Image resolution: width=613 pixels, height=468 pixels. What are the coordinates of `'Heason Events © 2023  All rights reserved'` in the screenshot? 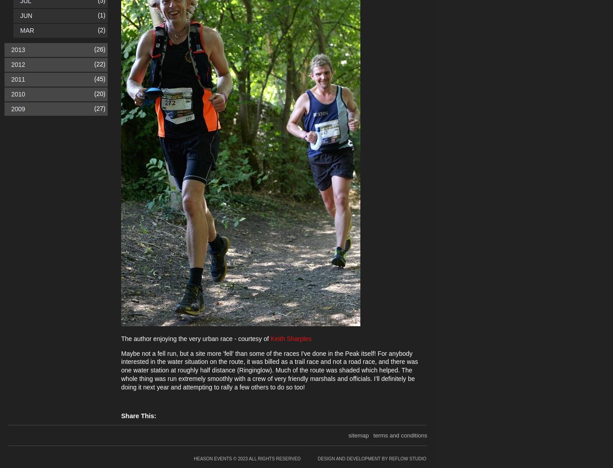 It's located at (247, 458).